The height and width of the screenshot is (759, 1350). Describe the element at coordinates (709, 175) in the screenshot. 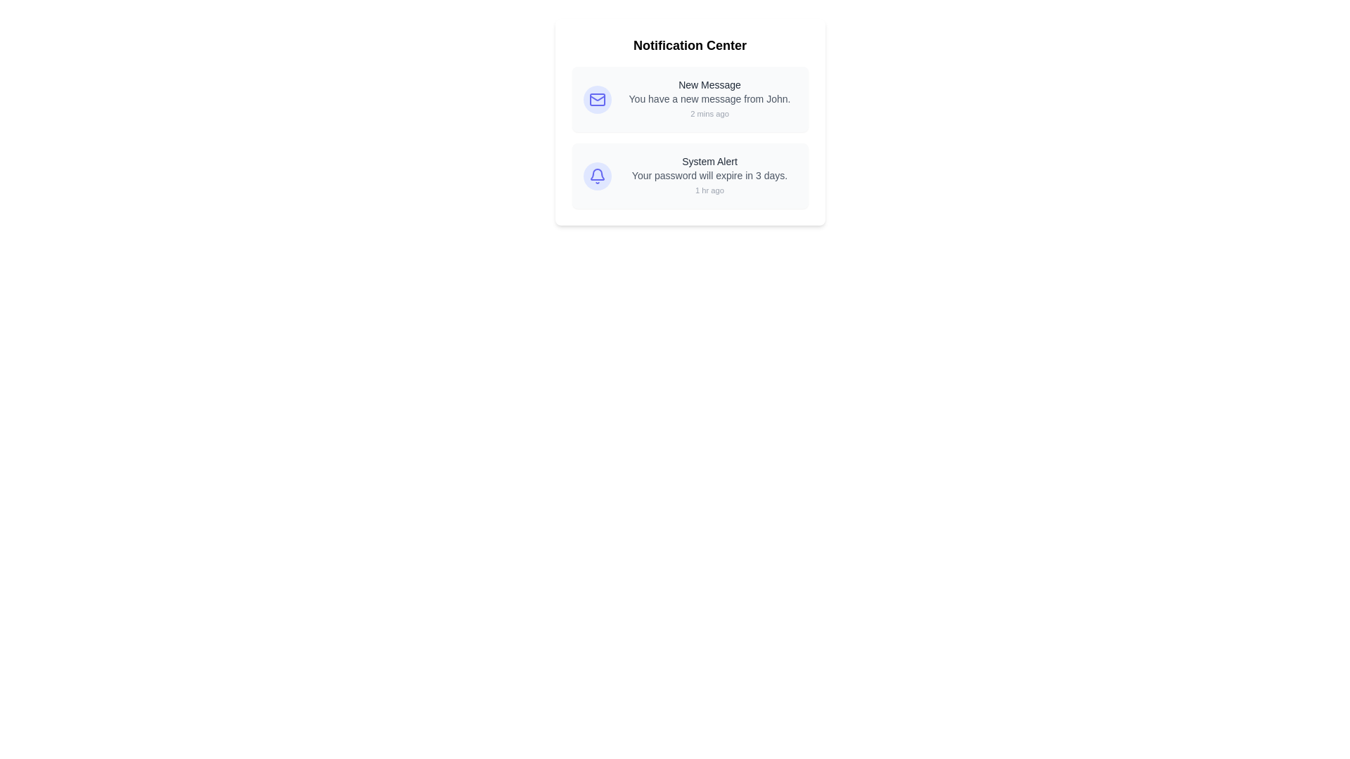

I see `the text label that reads 'Your password will expire in 3 days.' styled in gray font, located below 'System Alert' in the lower card of the Notification Center` at that location.